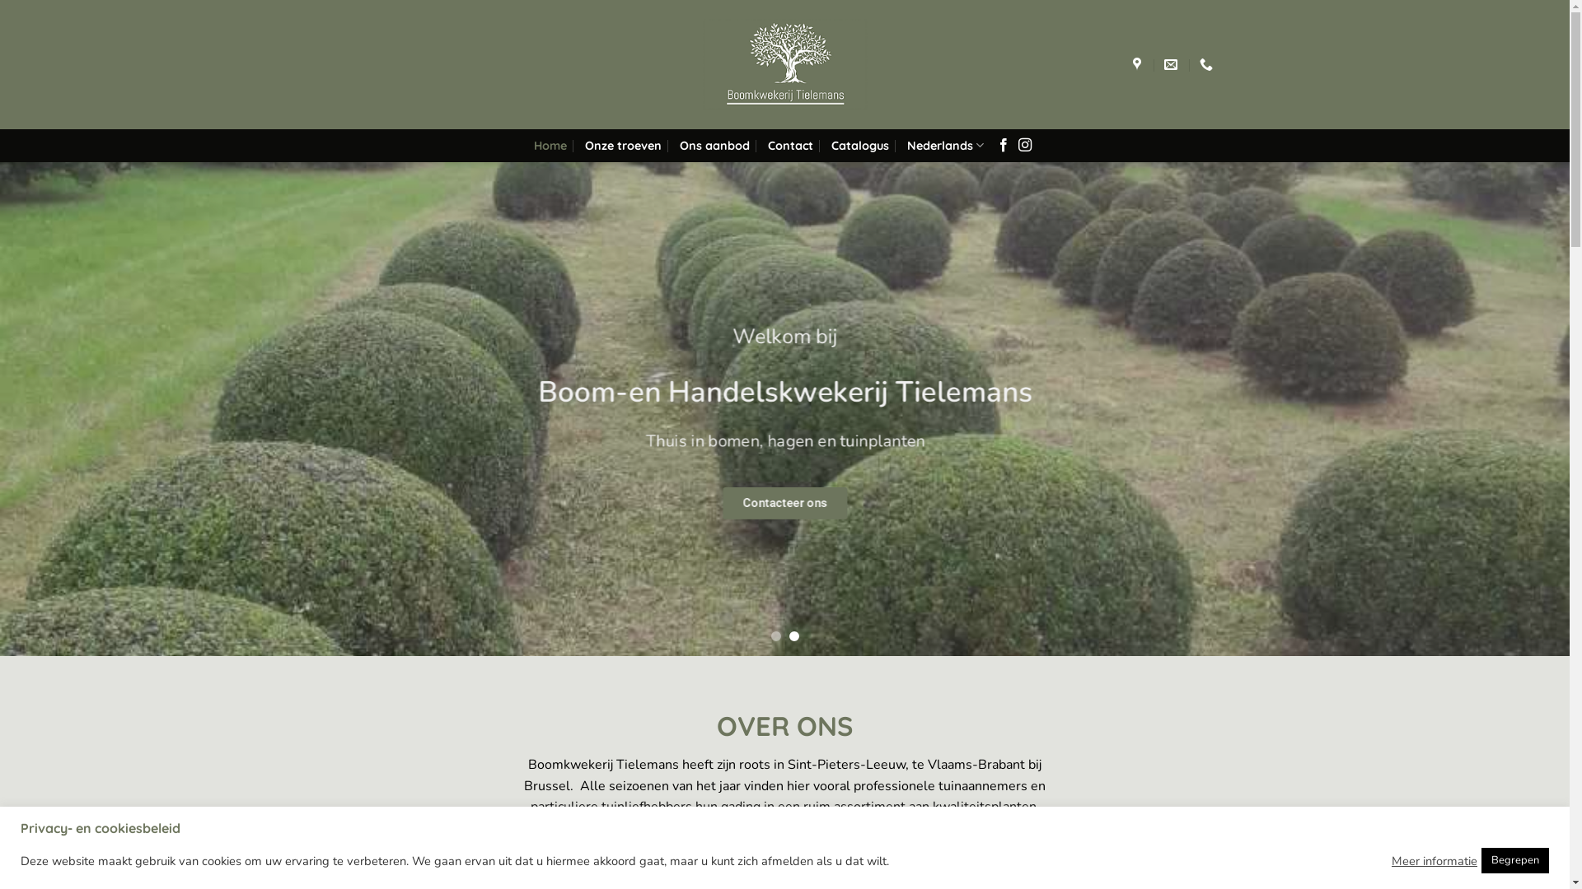 The width and height of the screenshot is (1582, 889). Describe the element at coordinates (585, 145) in the screenshot. I see `'Onze troeven'` at that location.